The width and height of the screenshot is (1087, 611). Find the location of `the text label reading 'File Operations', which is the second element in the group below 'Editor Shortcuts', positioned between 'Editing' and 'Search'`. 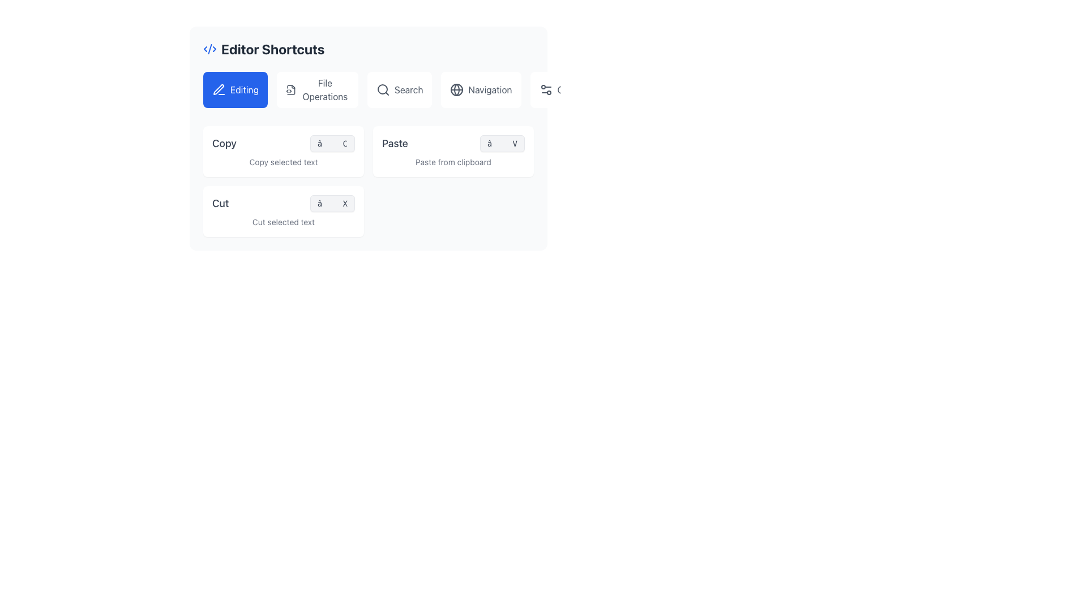

the text label reading 'File Operations', which is the second element in the group below 'Editor Shortcuts', positioned between 'Editing' and 'Search' is located at coordinates (324, 89).